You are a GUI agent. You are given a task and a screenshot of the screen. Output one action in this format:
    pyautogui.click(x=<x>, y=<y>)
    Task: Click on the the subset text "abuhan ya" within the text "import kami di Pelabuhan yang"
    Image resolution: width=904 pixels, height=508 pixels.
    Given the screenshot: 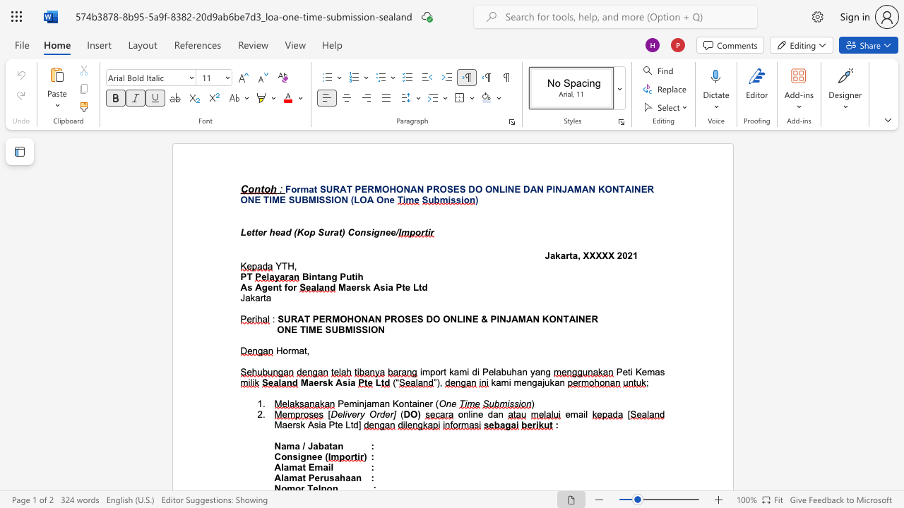 What is the action you would take?
    pyautogui.click(x=496, y=371)
    